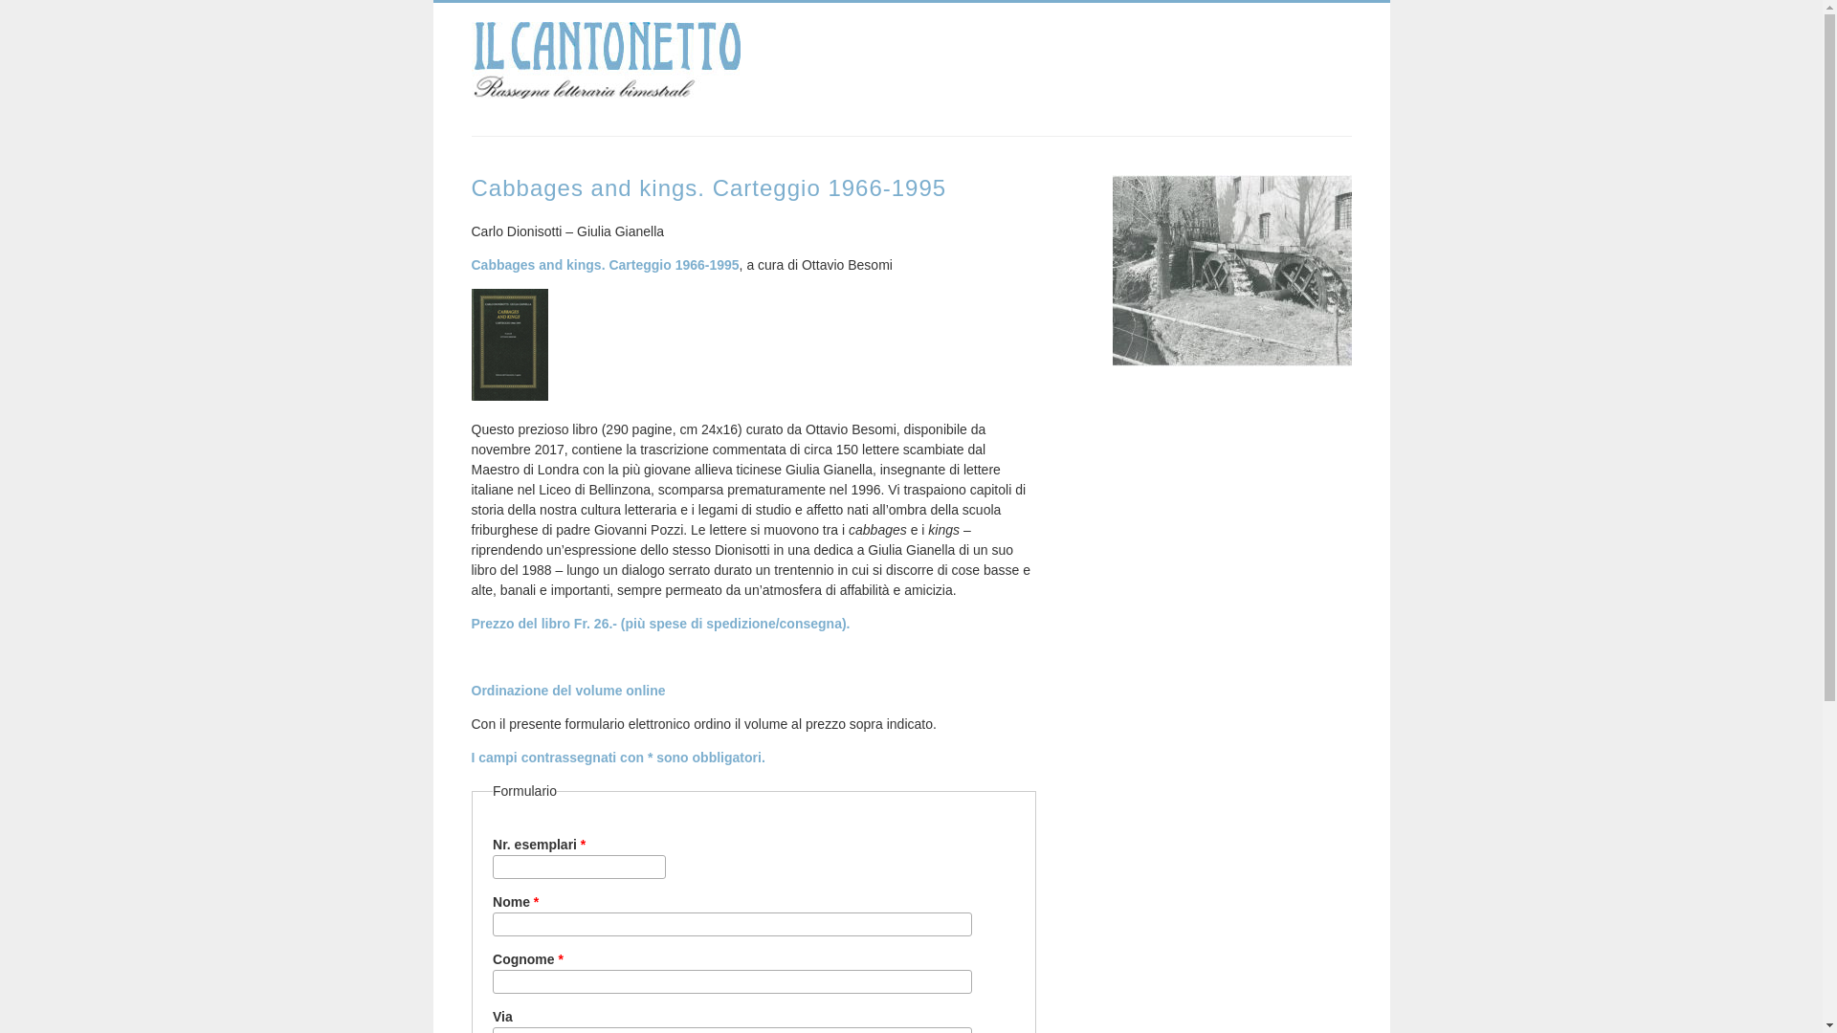  I want to click on 'Home', so click(604, 90).